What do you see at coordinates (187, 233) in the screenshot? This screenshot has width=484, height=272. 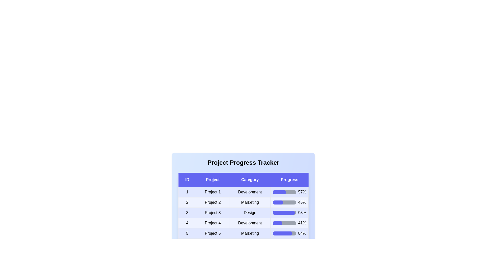 I see `the cell corresponding to 5 to select its text` at bounding box center [187, 233].